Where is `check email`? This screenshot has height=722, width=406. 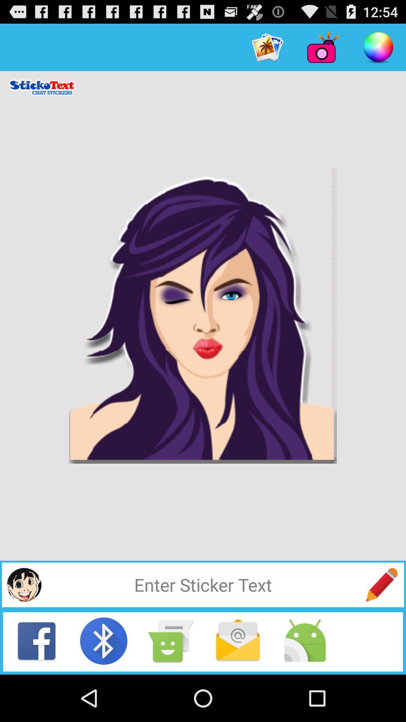
check email is located at coordinates (238, 640).